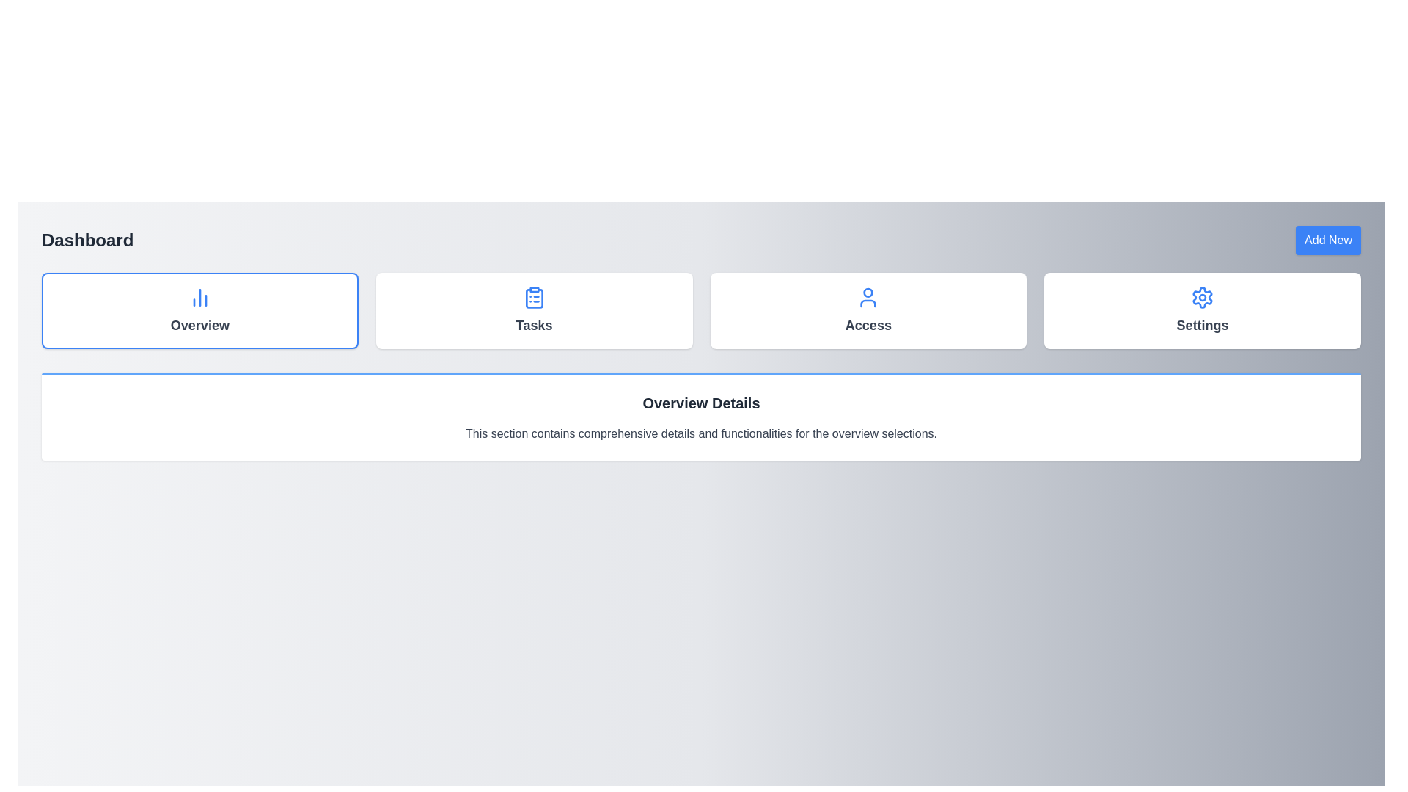 Image resolution: width=1408 pixels, height=792 pixels. I want to click on the decorative 'Tasks' icon located in the dashboard, positioned above the word 'Tasks' and is the second button from the left, so click(533, 298).